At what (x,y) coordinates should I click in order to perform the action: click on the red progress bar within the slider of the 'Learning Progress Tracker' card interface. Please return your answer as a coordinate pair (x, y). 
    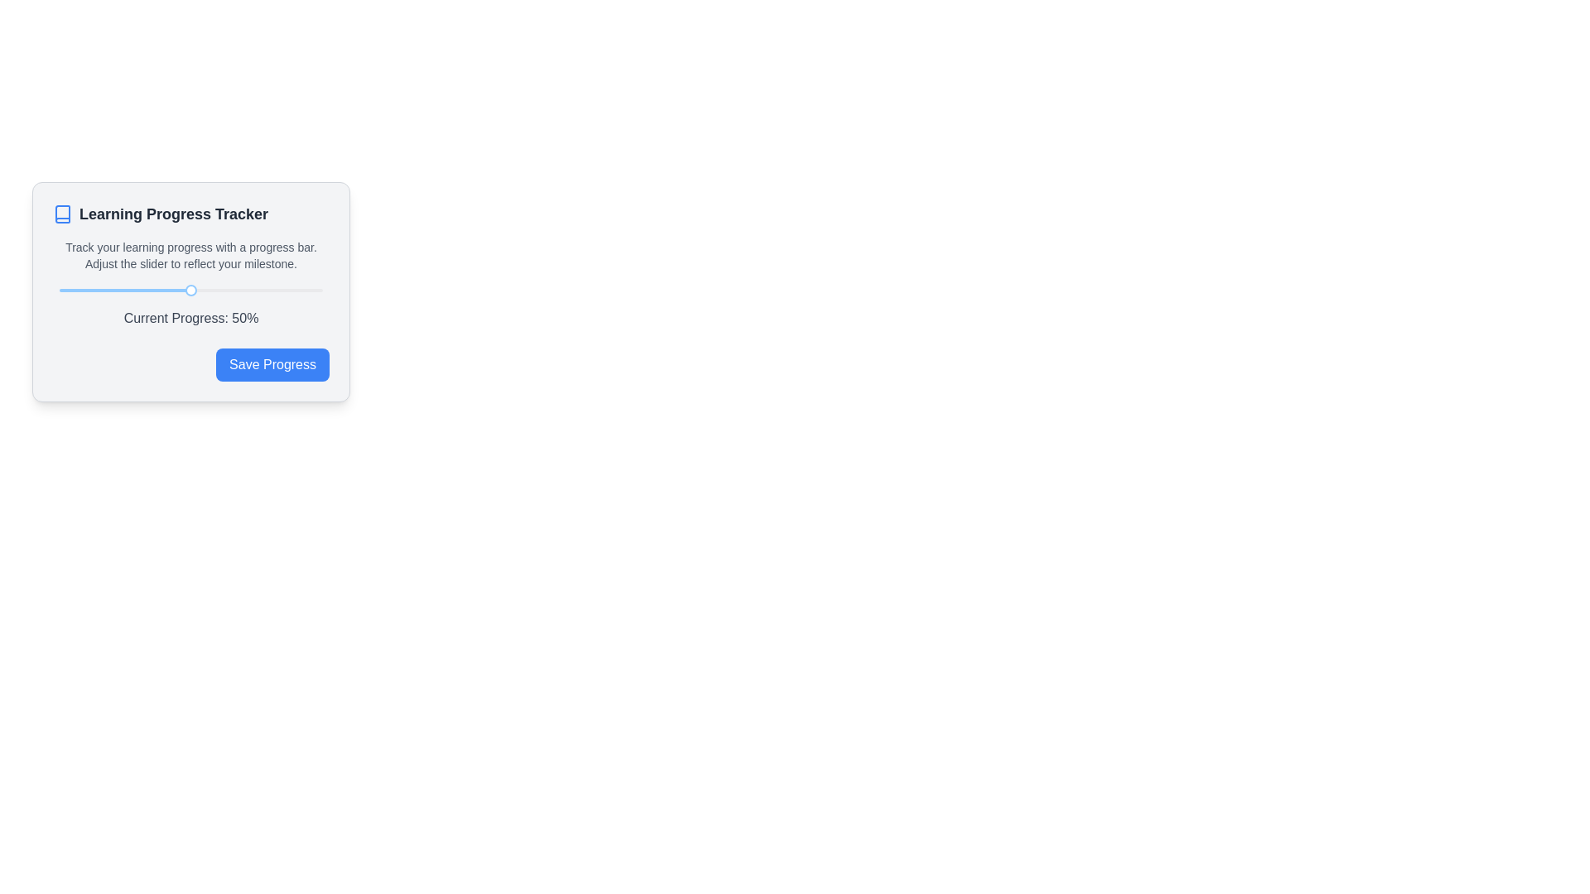
    Looking at the image, I should click on (124, 290).